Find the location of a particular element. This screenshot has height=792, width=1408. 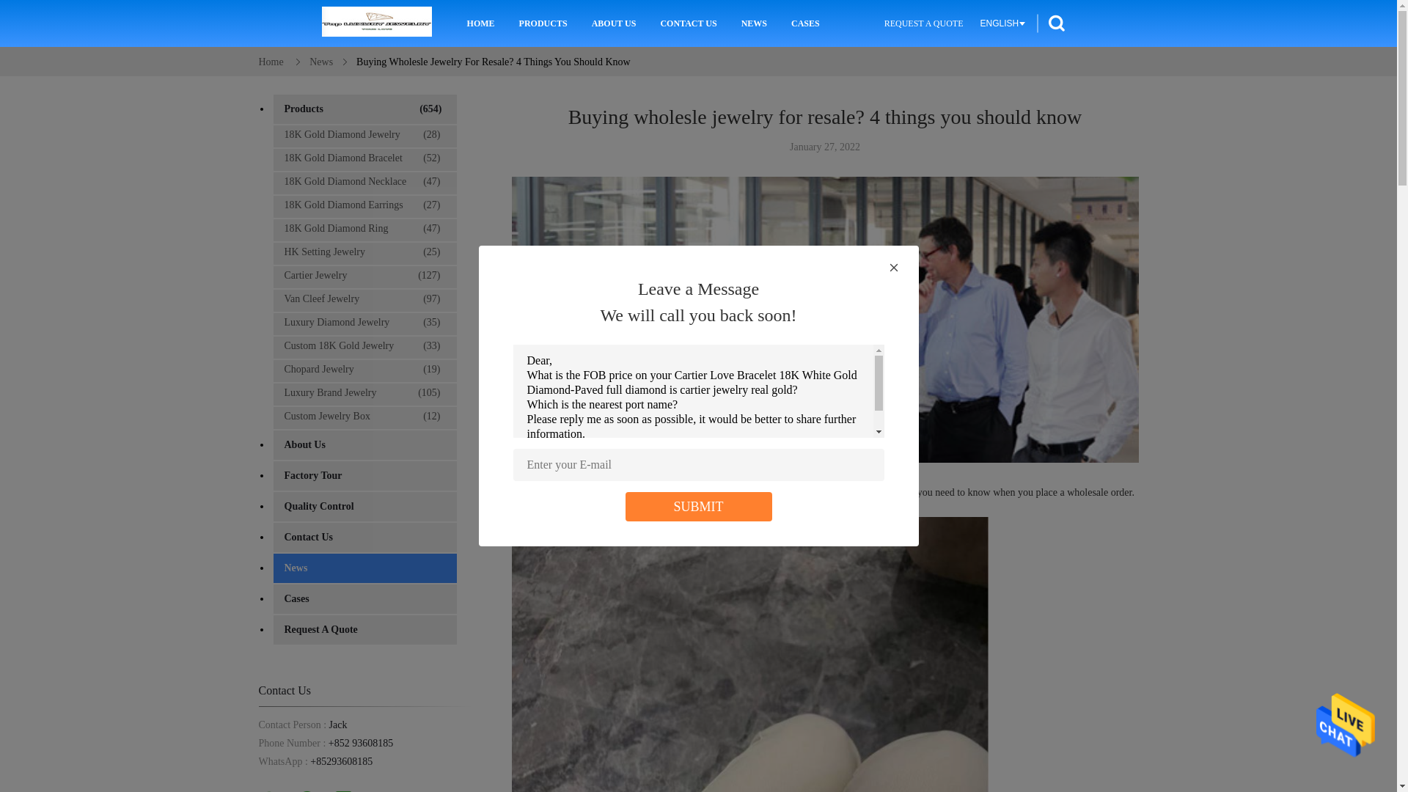

'Cartier Jewelry is located at coordinates (363, 275).